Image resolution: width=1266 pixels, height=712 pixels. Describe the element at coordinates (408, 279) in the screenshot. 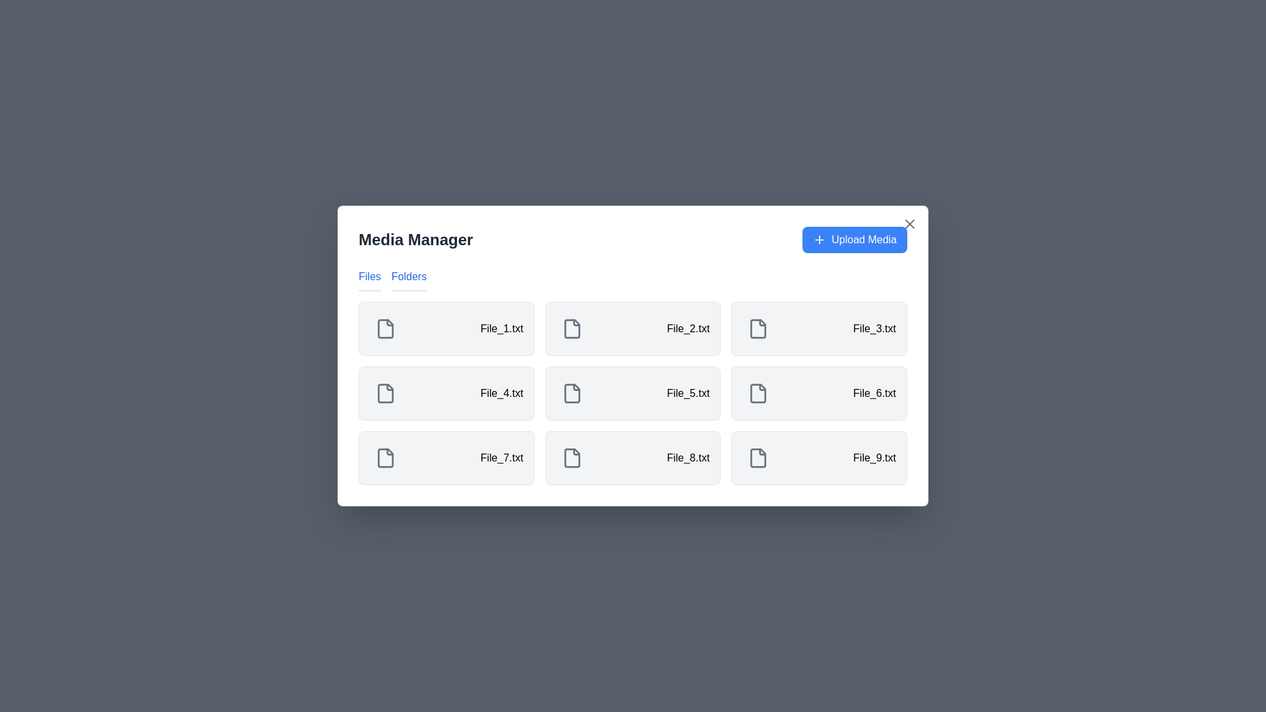

I see `the 'Folders' tab button, which is styled in blue font and appears bold and highlighted` at that location.